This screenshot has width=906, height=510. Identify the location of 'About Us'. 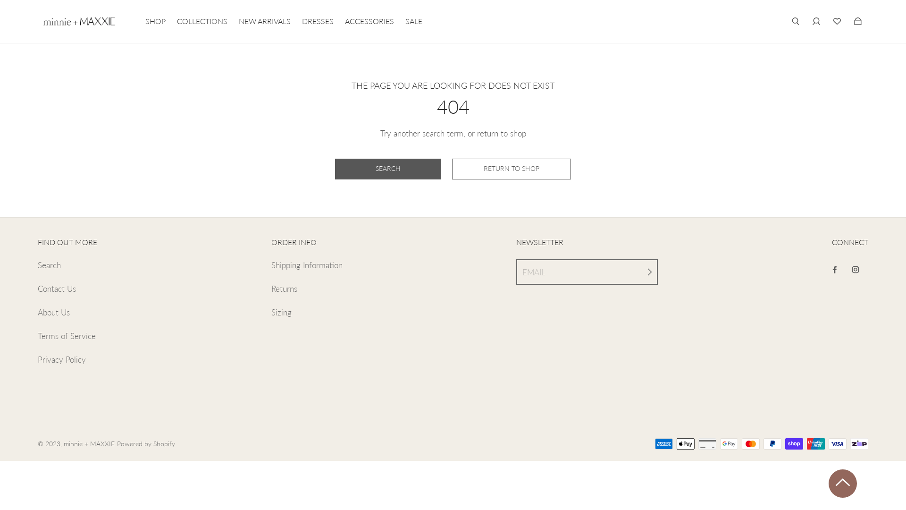
(38, 313).